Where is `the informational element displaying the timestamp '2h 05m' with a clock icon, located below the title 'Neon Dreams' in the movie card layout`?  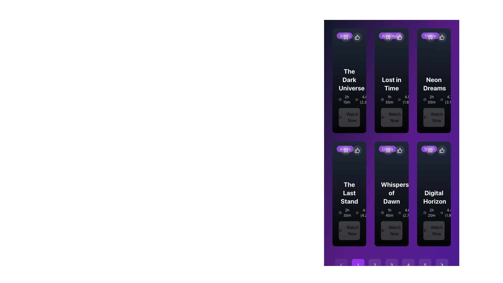 the informational element displaying the timestamp '2h 05m' with a clock icon, located below the title 'Neon Dreams' in the movie card layout is located at coordinates (434, 100).